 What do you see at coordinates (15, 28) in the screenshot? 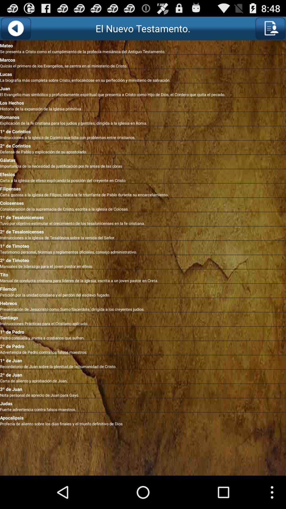
I see `the app to the left of el nuevo testamento. icon` at bounding box center [15, 28].